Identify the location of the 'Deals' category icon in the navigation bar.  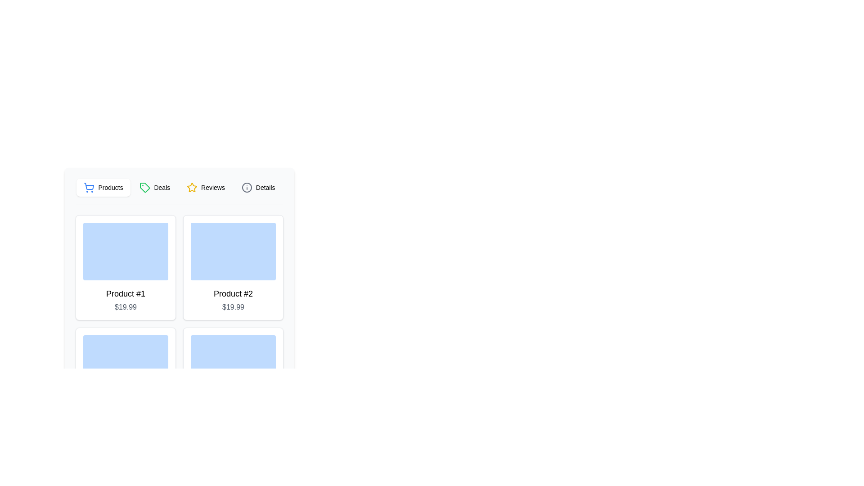
(145, 187).